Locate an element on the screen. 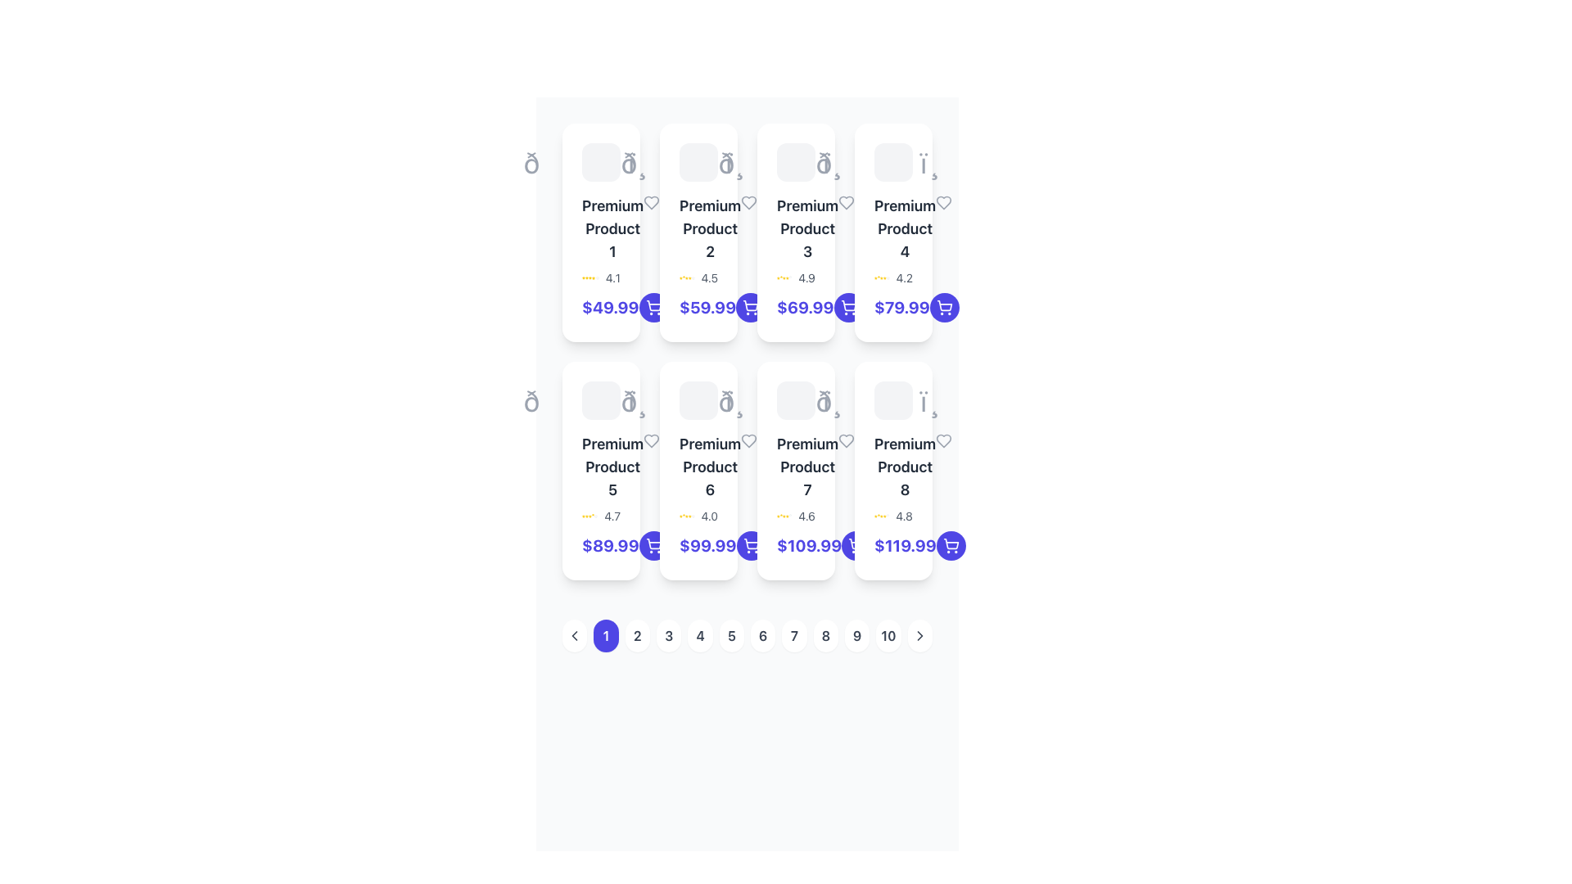  the fourth yellow filled star icon in the rating component for 'Premium Product 5' is located at coordinates (589, 516).